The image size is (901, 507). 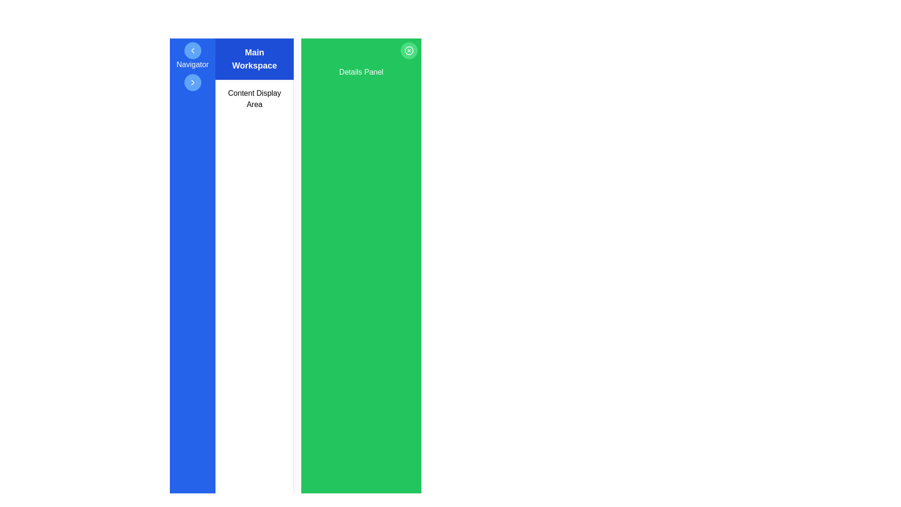 What do you see at coordinates (192, 51) in the screenshot?
I see `the left-facing chevron icon within the blue circular button located in the sidebar below the 'Navigator' label` at bounding box center [192, 51].